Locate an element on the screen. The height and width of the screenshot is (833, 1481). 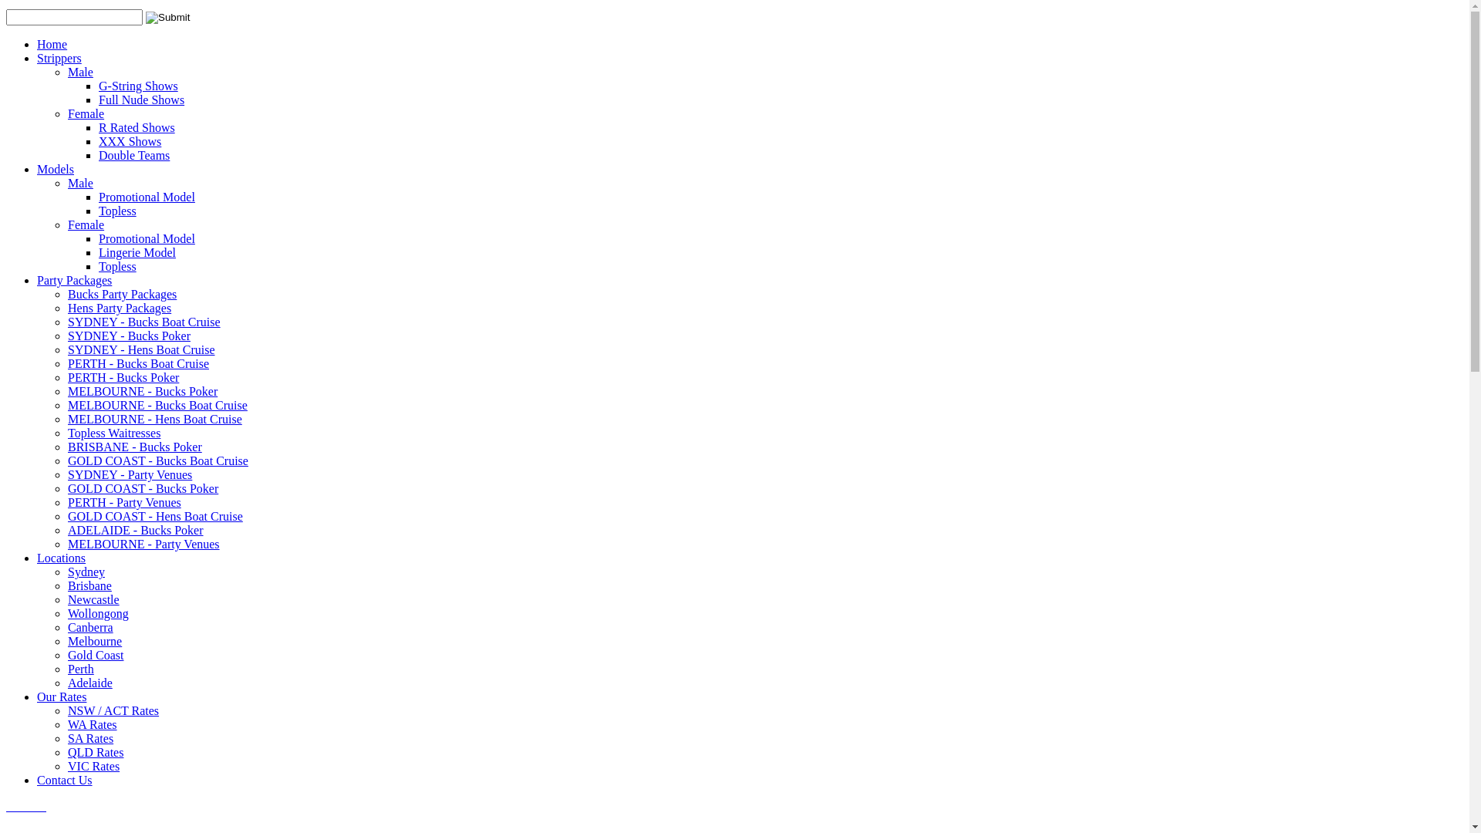
'R Rated Shows' is located at coordinates (137, 126).